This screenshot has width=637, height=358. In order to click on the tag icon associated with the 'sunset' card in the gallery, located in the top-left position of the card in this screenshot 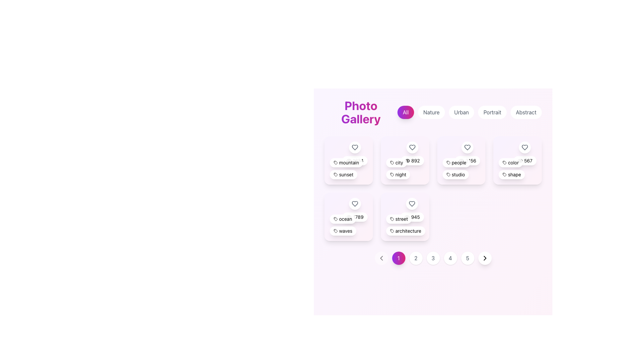, I will do `click(336, 174)`.